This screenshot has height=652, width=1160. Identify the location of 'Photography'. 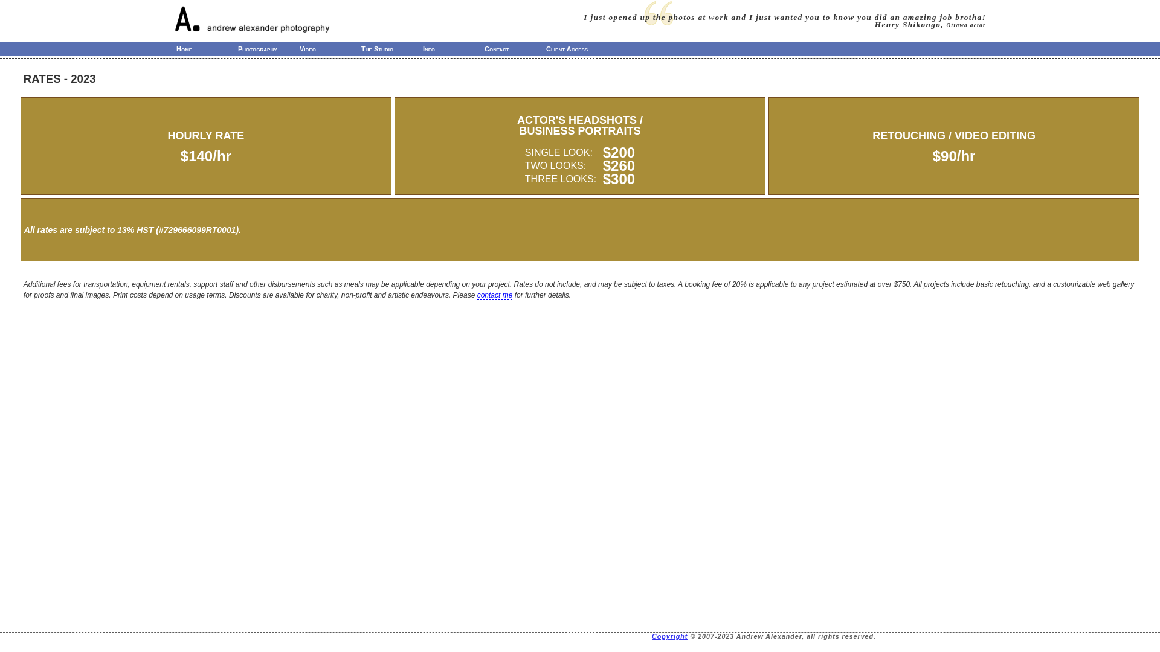
(268, 48).